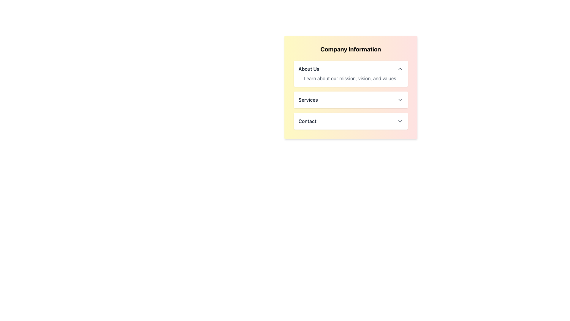  I want to click on the dropdown menu element related to 'Contact' in the 'Company Information' card, so click(351, 121).